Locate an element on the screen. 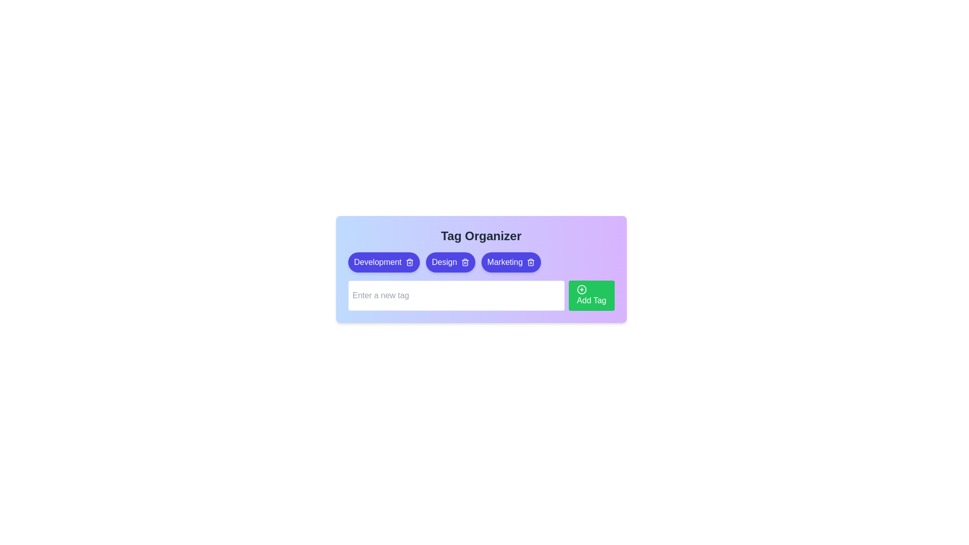  the 'Add Tag' button which contains a circular icon with a plus sign (+) in the center, styled with a green background is located at coordinates (582, 290).